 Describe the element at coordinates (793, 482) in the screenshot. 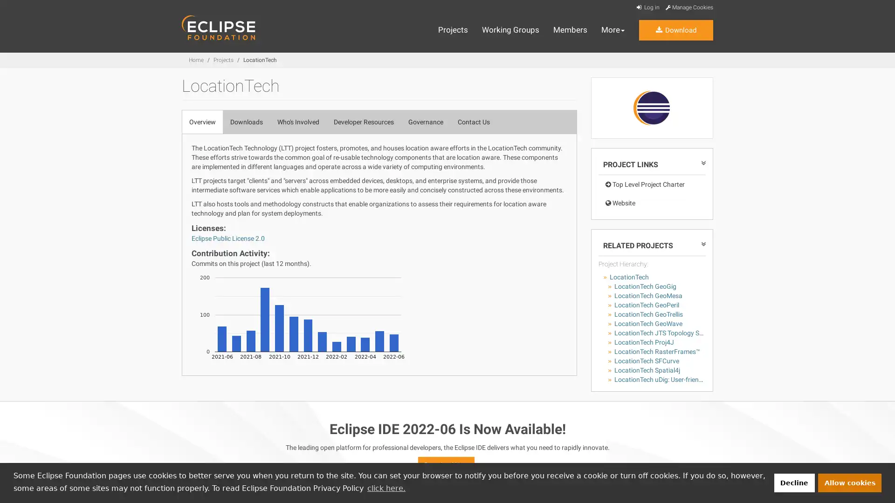

I see `deny cookies` at that location.